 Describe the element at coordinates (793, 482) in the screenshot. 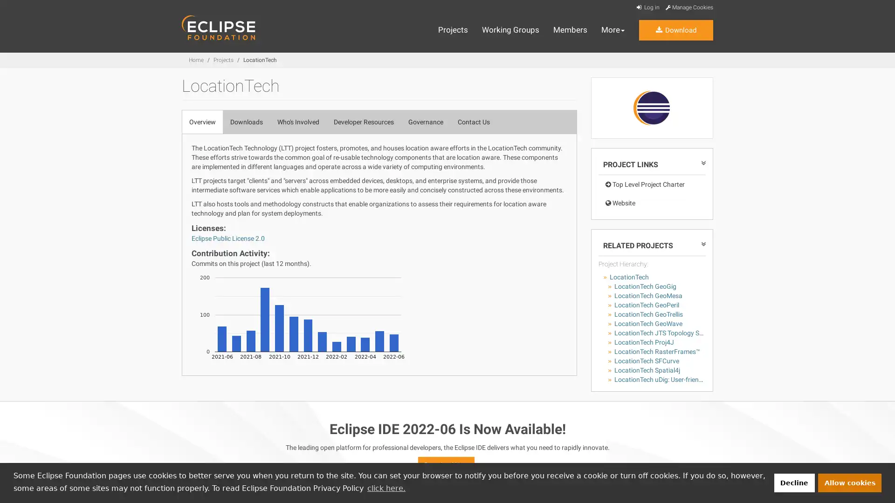

I see `deny cookies` at that location.